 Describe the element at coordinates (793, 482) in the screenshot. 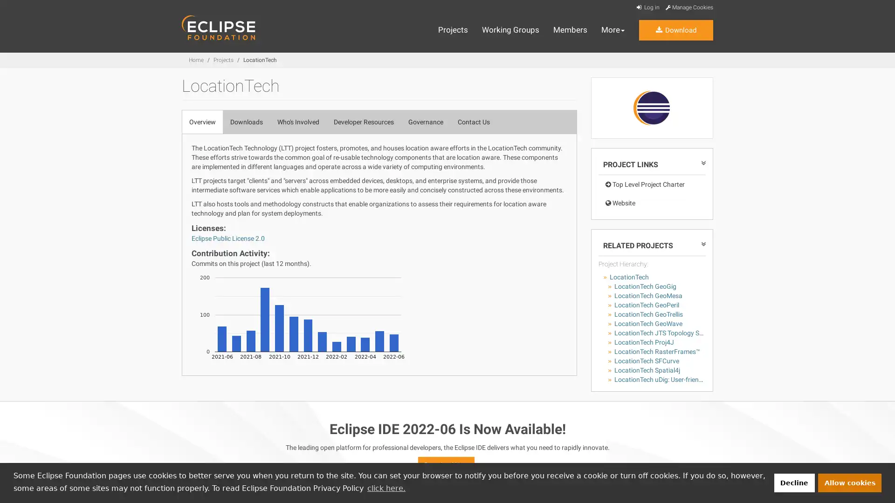

I see `deny cookies` at that location.